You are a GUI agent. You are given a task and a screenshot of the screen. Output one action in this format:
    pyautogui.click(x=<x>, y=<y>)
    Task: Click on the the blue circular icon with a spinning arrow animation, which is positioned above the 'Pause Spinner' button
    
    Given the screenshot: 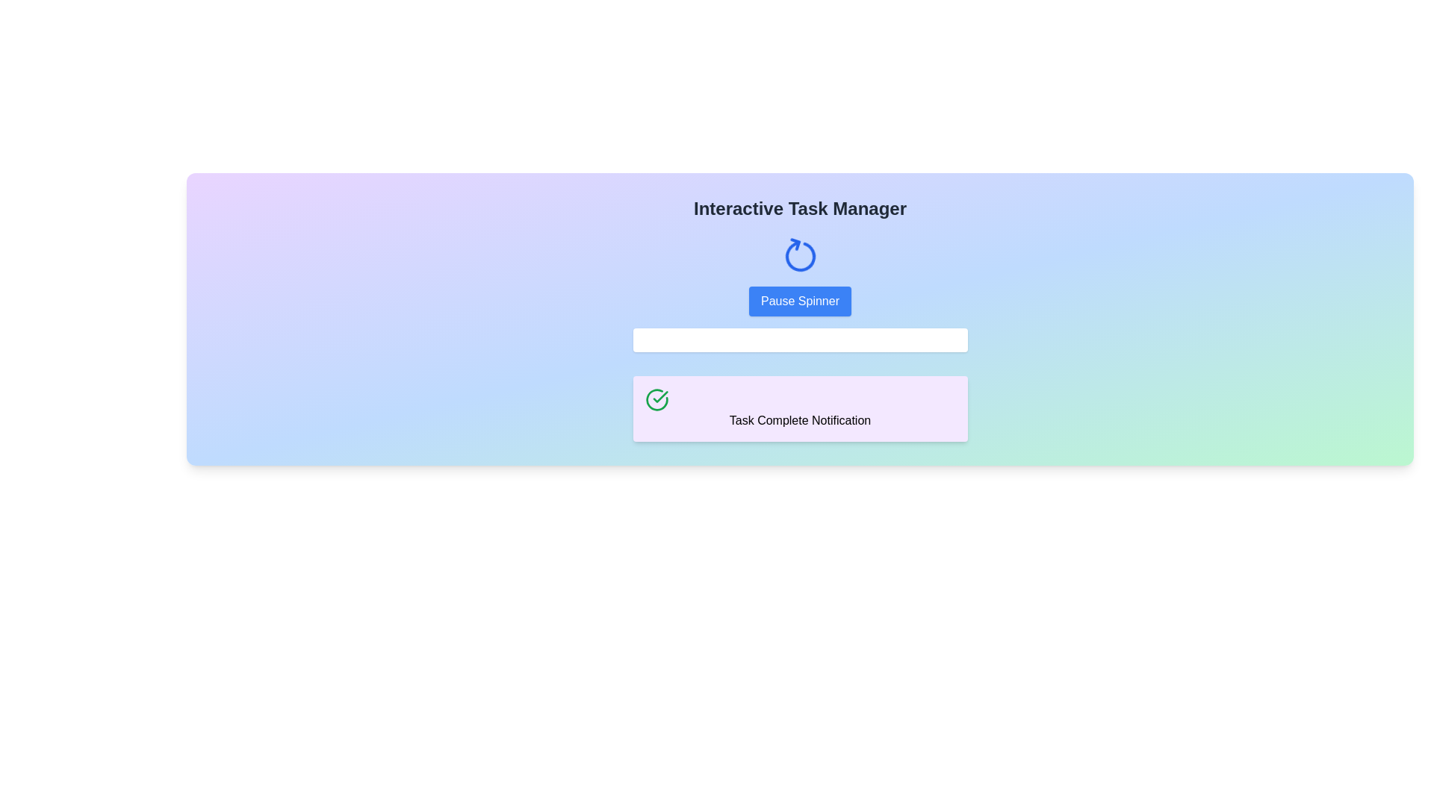 What is the action you would take?
    pyautogui.click(x=799, y=255)
    